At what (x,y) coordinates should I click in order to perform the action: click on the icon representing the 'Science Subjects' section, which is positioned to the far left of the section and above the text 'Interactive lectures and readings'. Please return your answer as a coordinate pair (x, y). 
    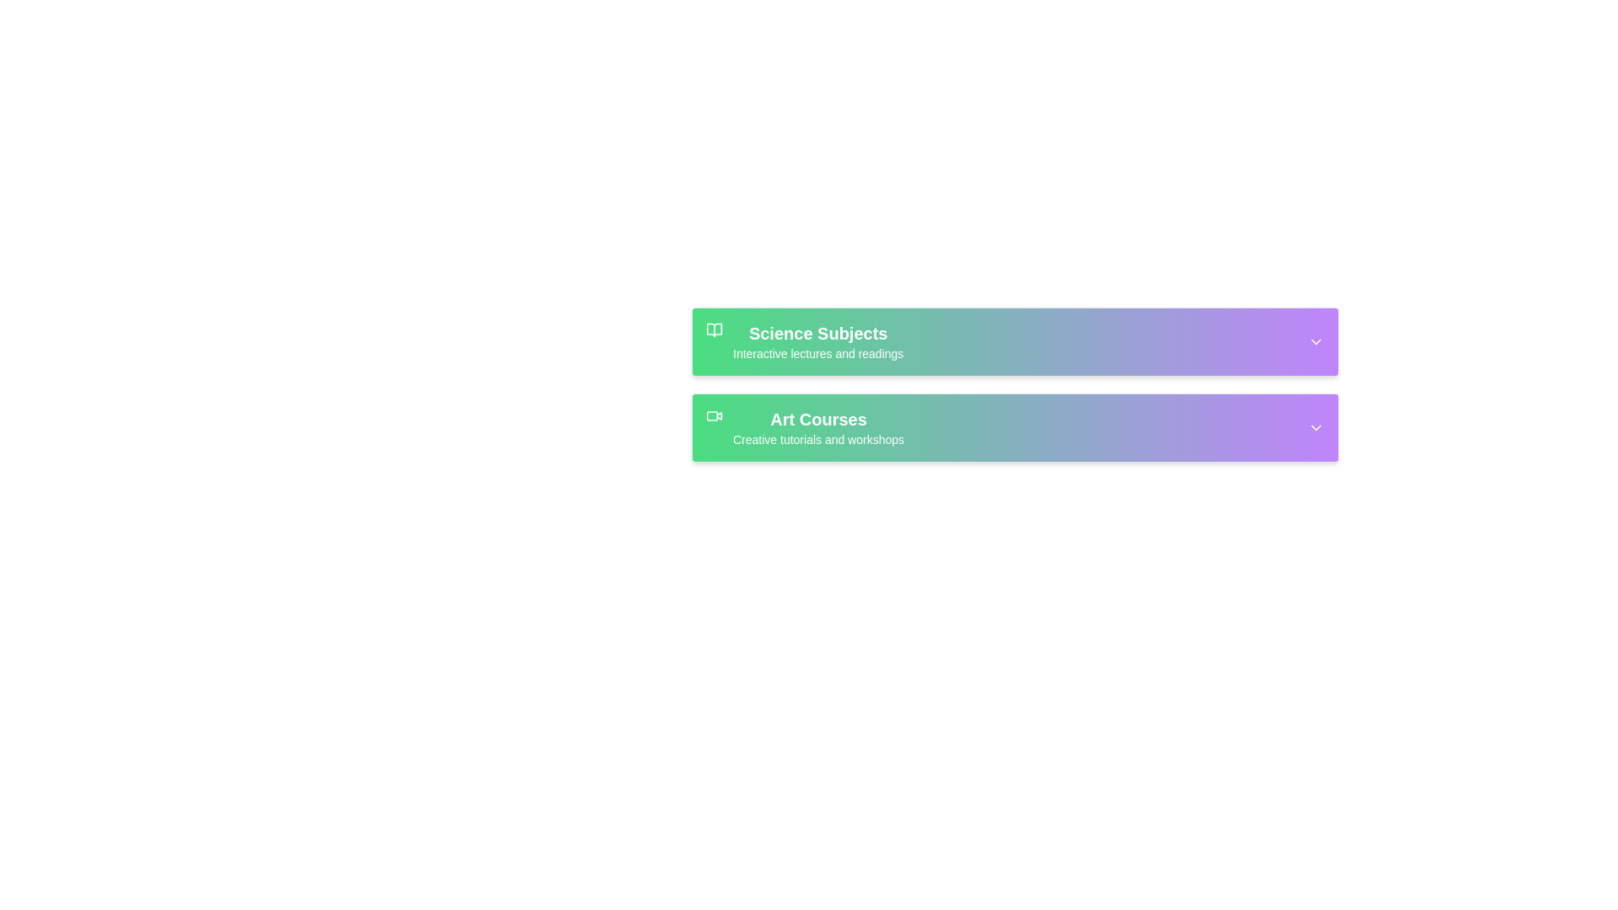
    Looking at the image, I should click on (715, 330).